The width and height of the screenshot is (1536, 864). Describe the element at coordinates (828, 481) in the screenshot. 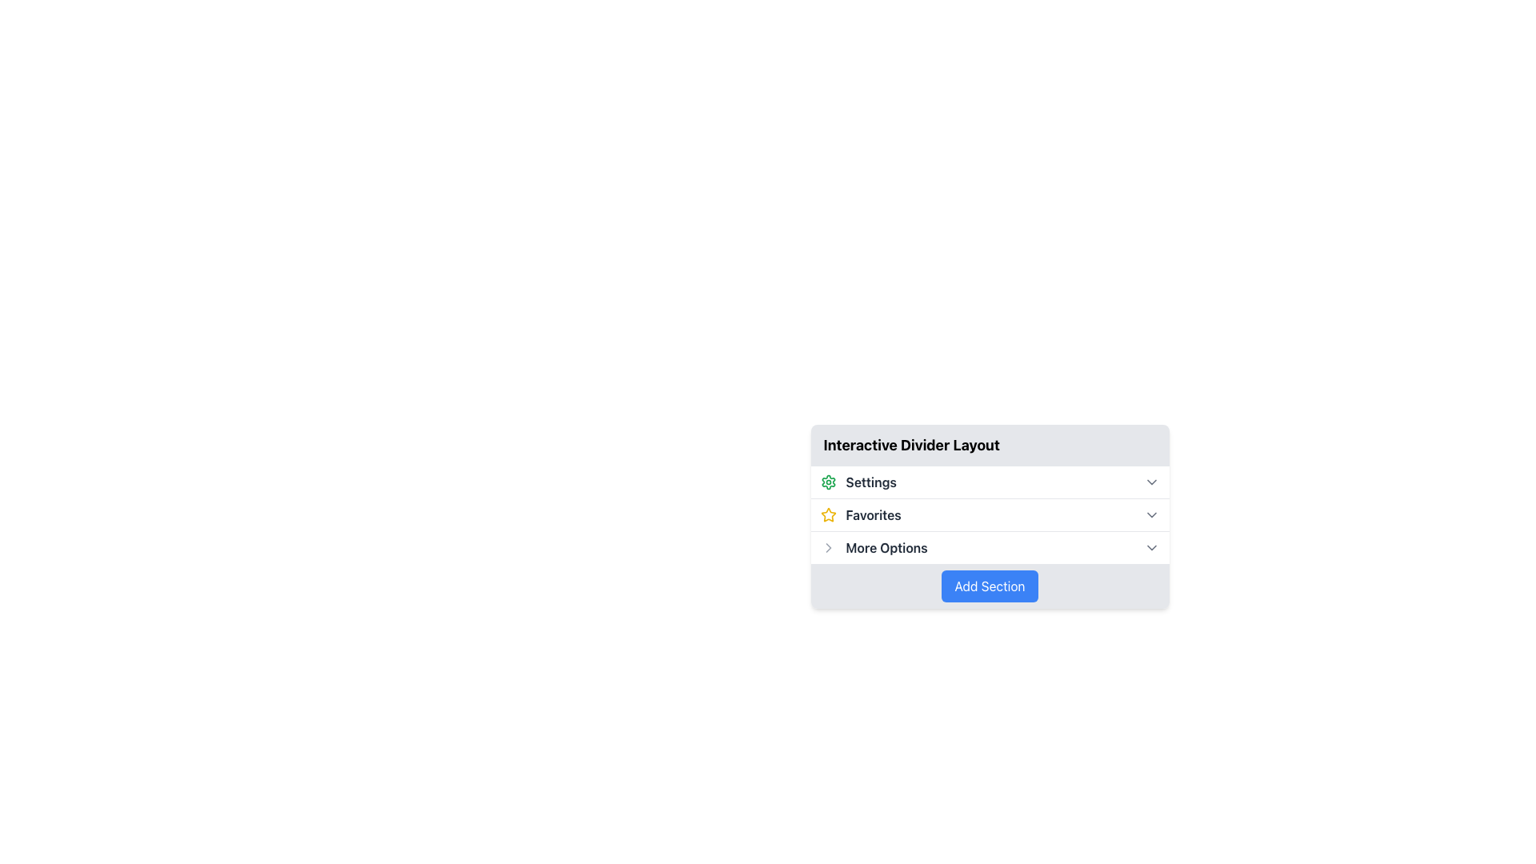

I see `the green gear icon, which is a cogwheel design located in the 'Settings' row of the 'Interactive Divider Layout' list` at that location.